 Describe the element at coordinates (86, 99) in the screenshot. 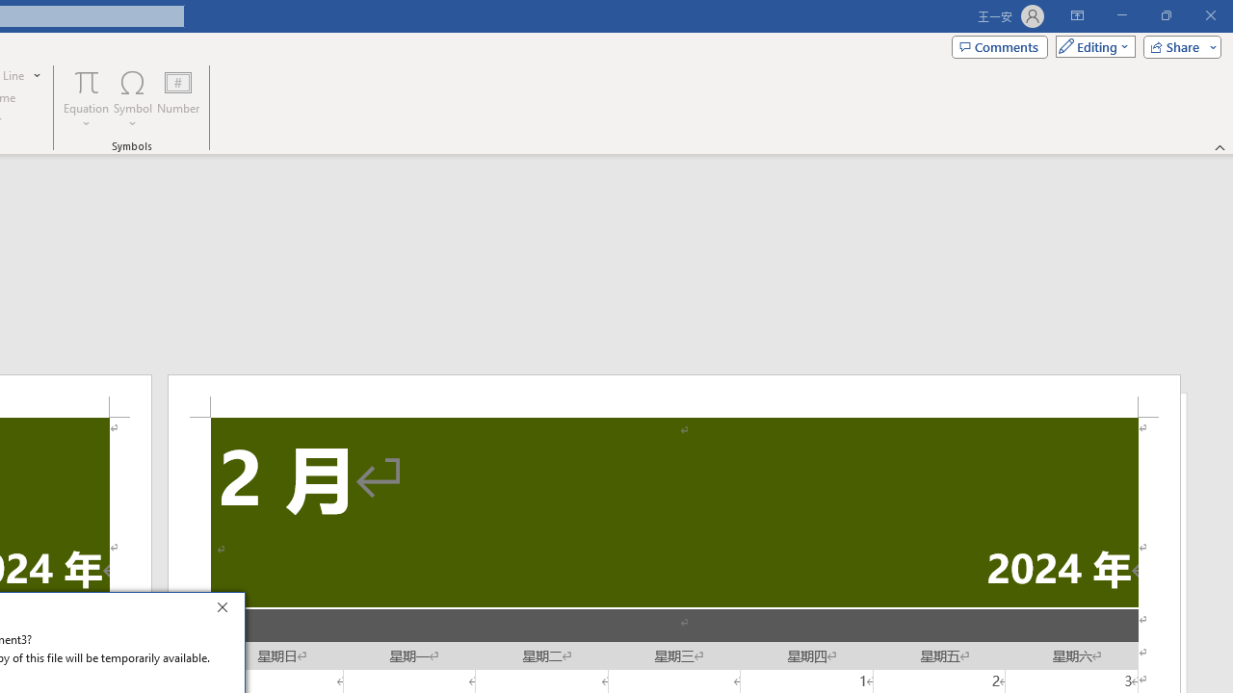

I see `'Equation'` at that location.